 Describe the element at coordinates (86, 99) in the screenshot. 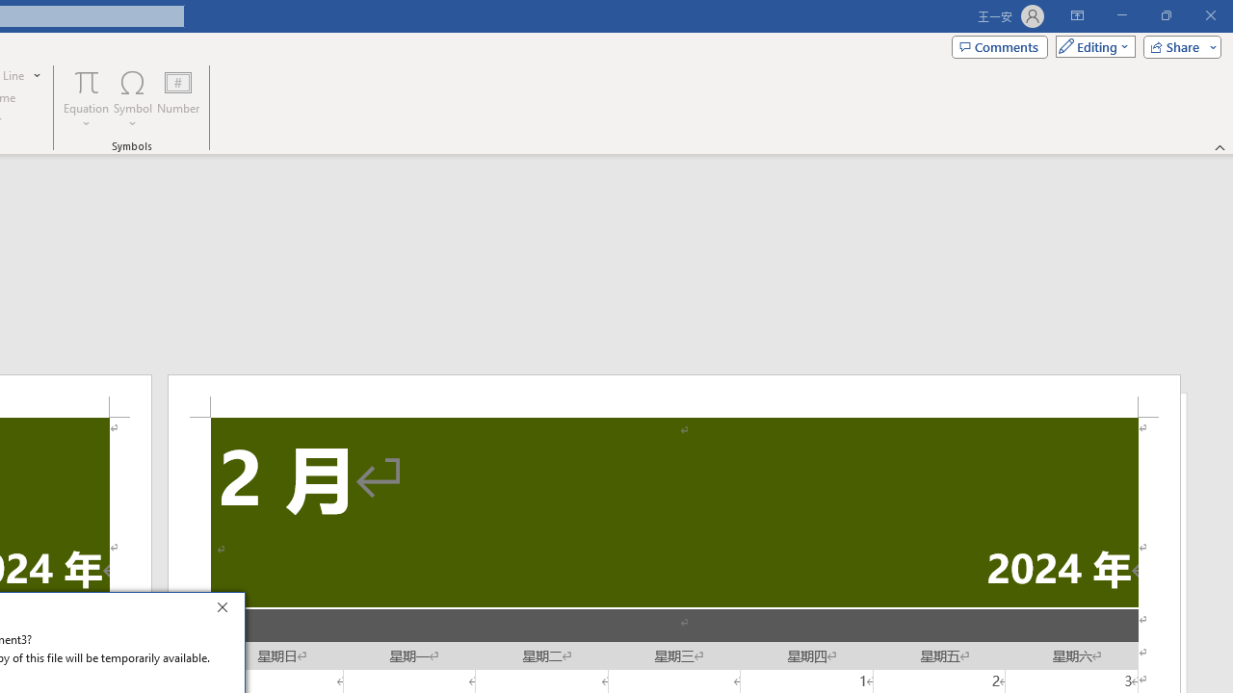

I see `'Equation'` at that location.